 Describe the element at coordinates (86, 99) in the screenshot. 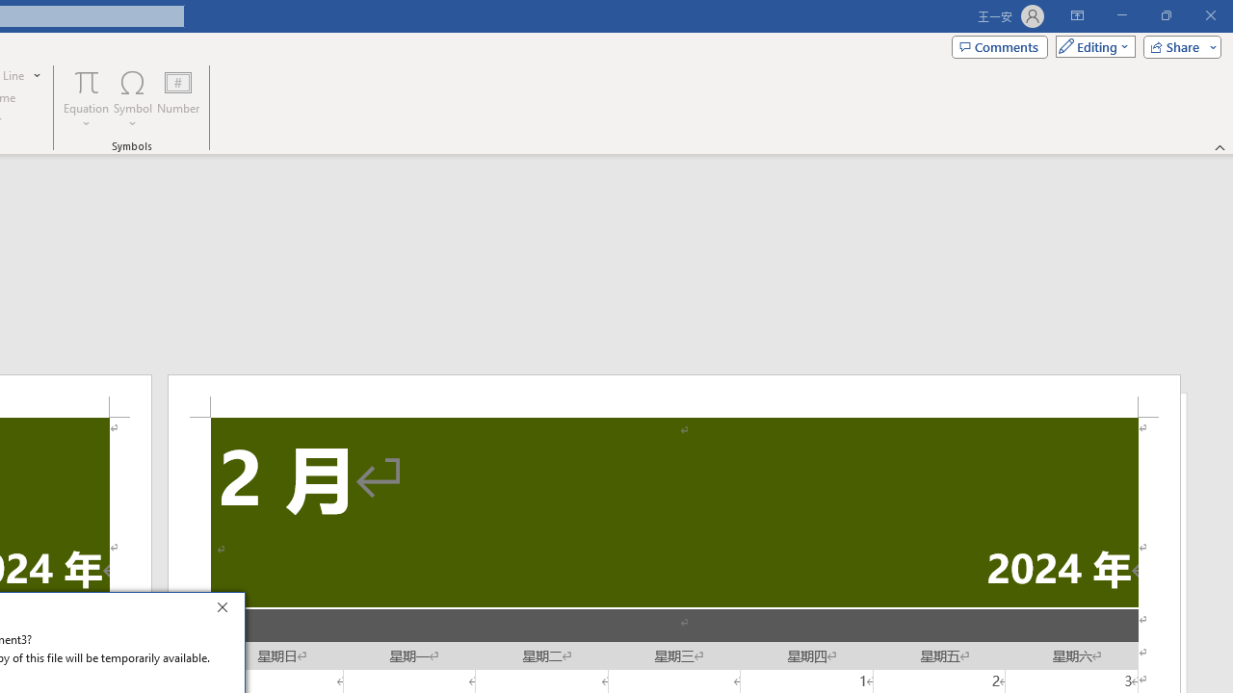

I see `'Equation'` at that location.